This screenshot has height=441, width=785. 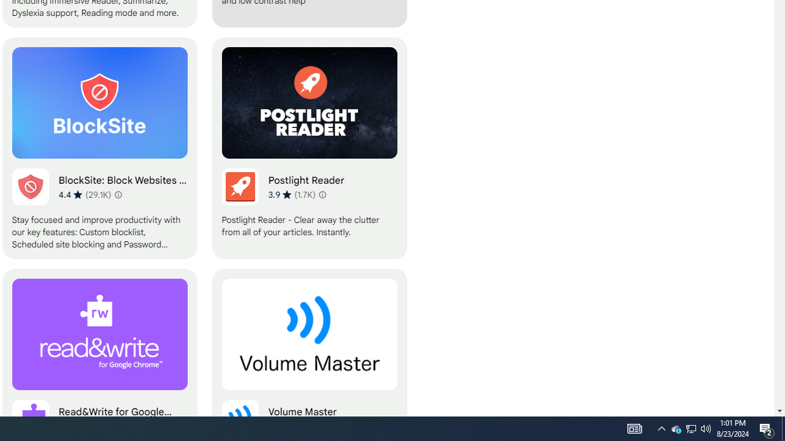 What do you see at coordinates (291, 194) in the screenshot?
I see `'Average rating 3.9 out of 5 stars. 1.7K ratings.'` at bounding box center [291, 194].